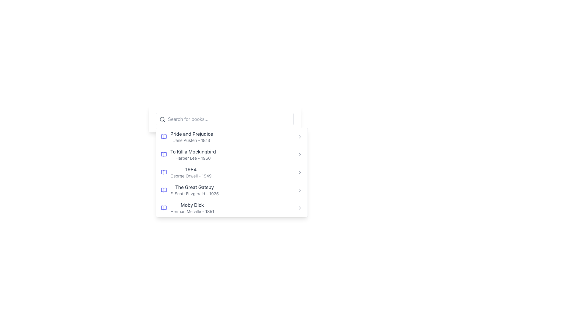 Image resolution: width=570 pixels, height=320 pixels. Describe the element at coordinates (194, 187) in the screenshot. I see `the static text label displaying the title 'The Great Gatsby', which is styled in gray and bold, prominently positioned in a list of book titles` at that location.